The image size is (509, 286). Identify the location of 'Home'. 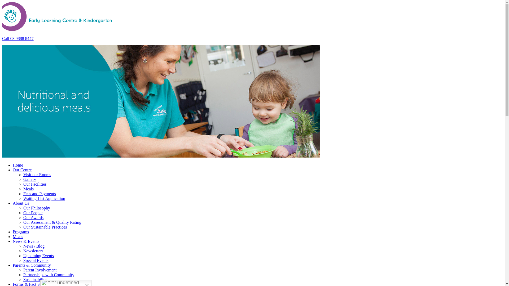
(18, 165).